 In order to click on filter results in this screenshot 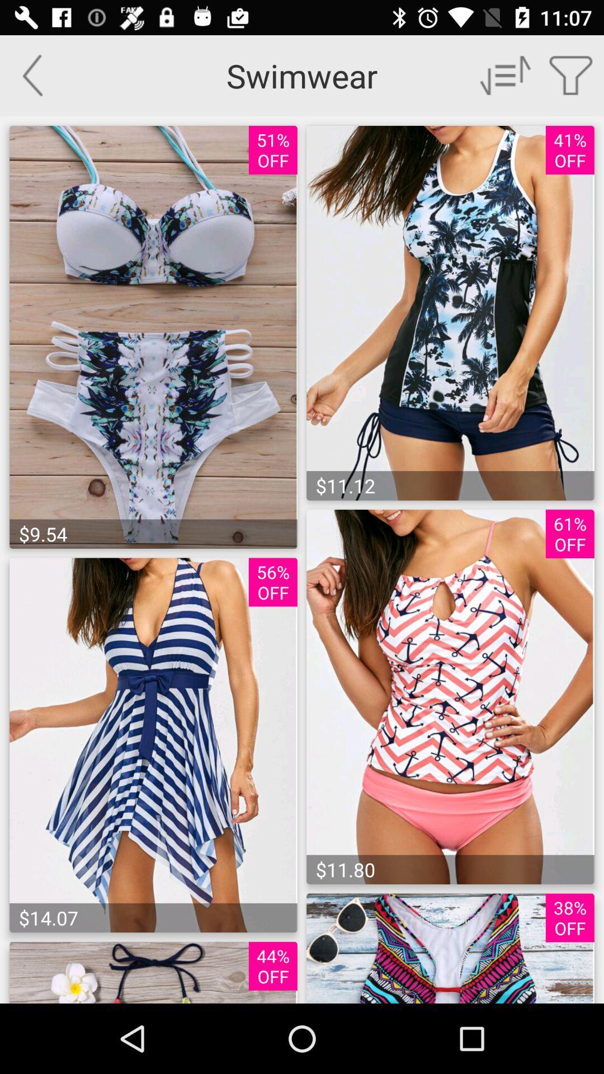, I will do `click(571, 74)`.